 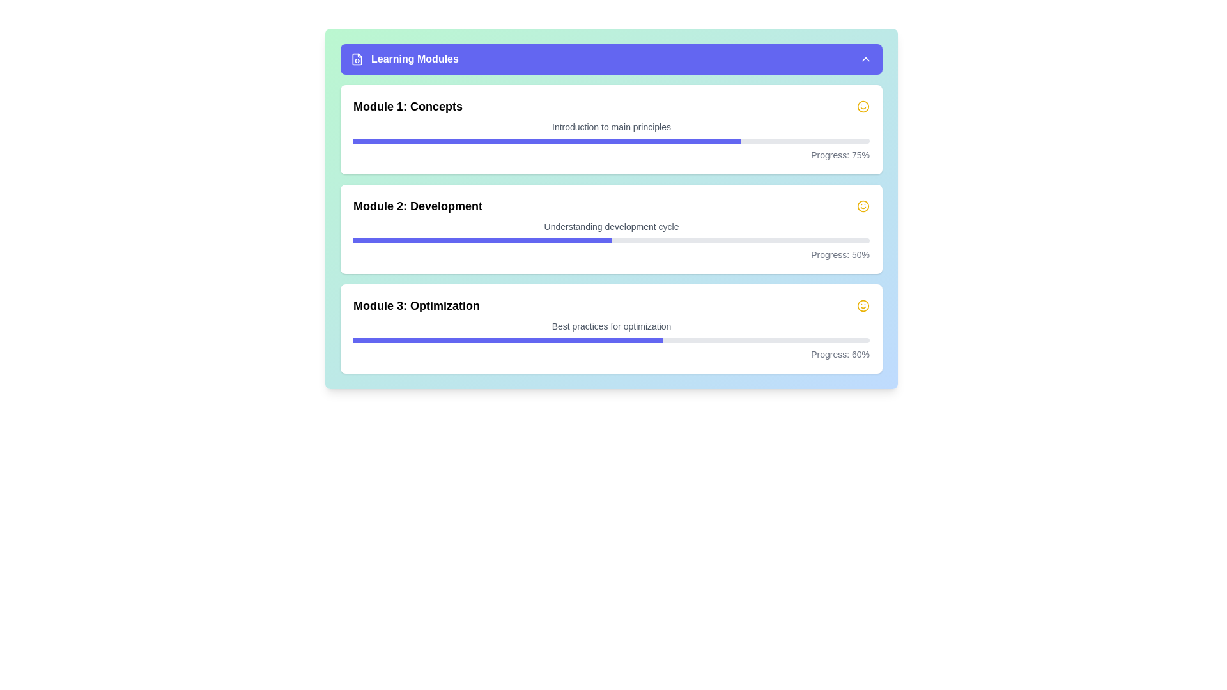 I want to click on the Label with icon titled 'Learning Modules' that has a file icon and is styled with a white font on a purple background, located in the top-left portion of the header section, so click(x=404, y=59).